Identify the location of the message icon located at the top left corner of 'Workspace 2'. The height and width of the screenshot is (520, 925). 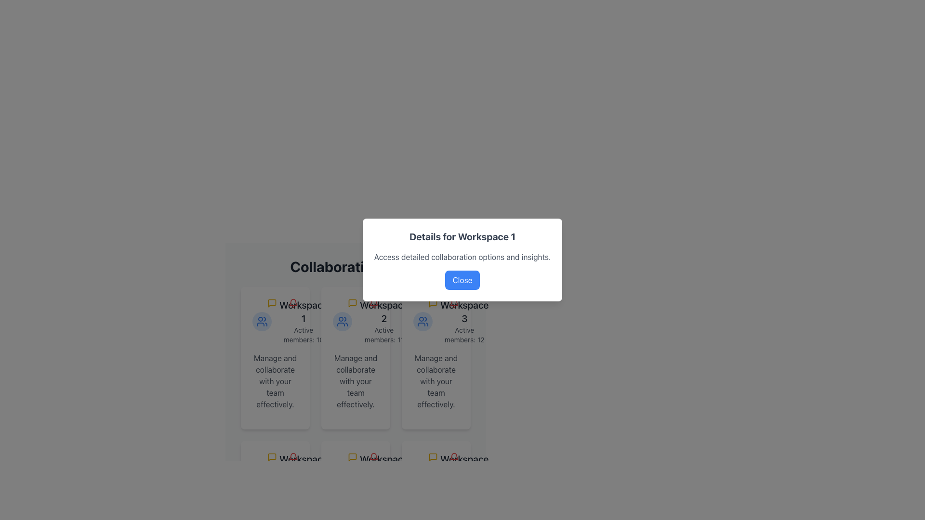
(352, 456).